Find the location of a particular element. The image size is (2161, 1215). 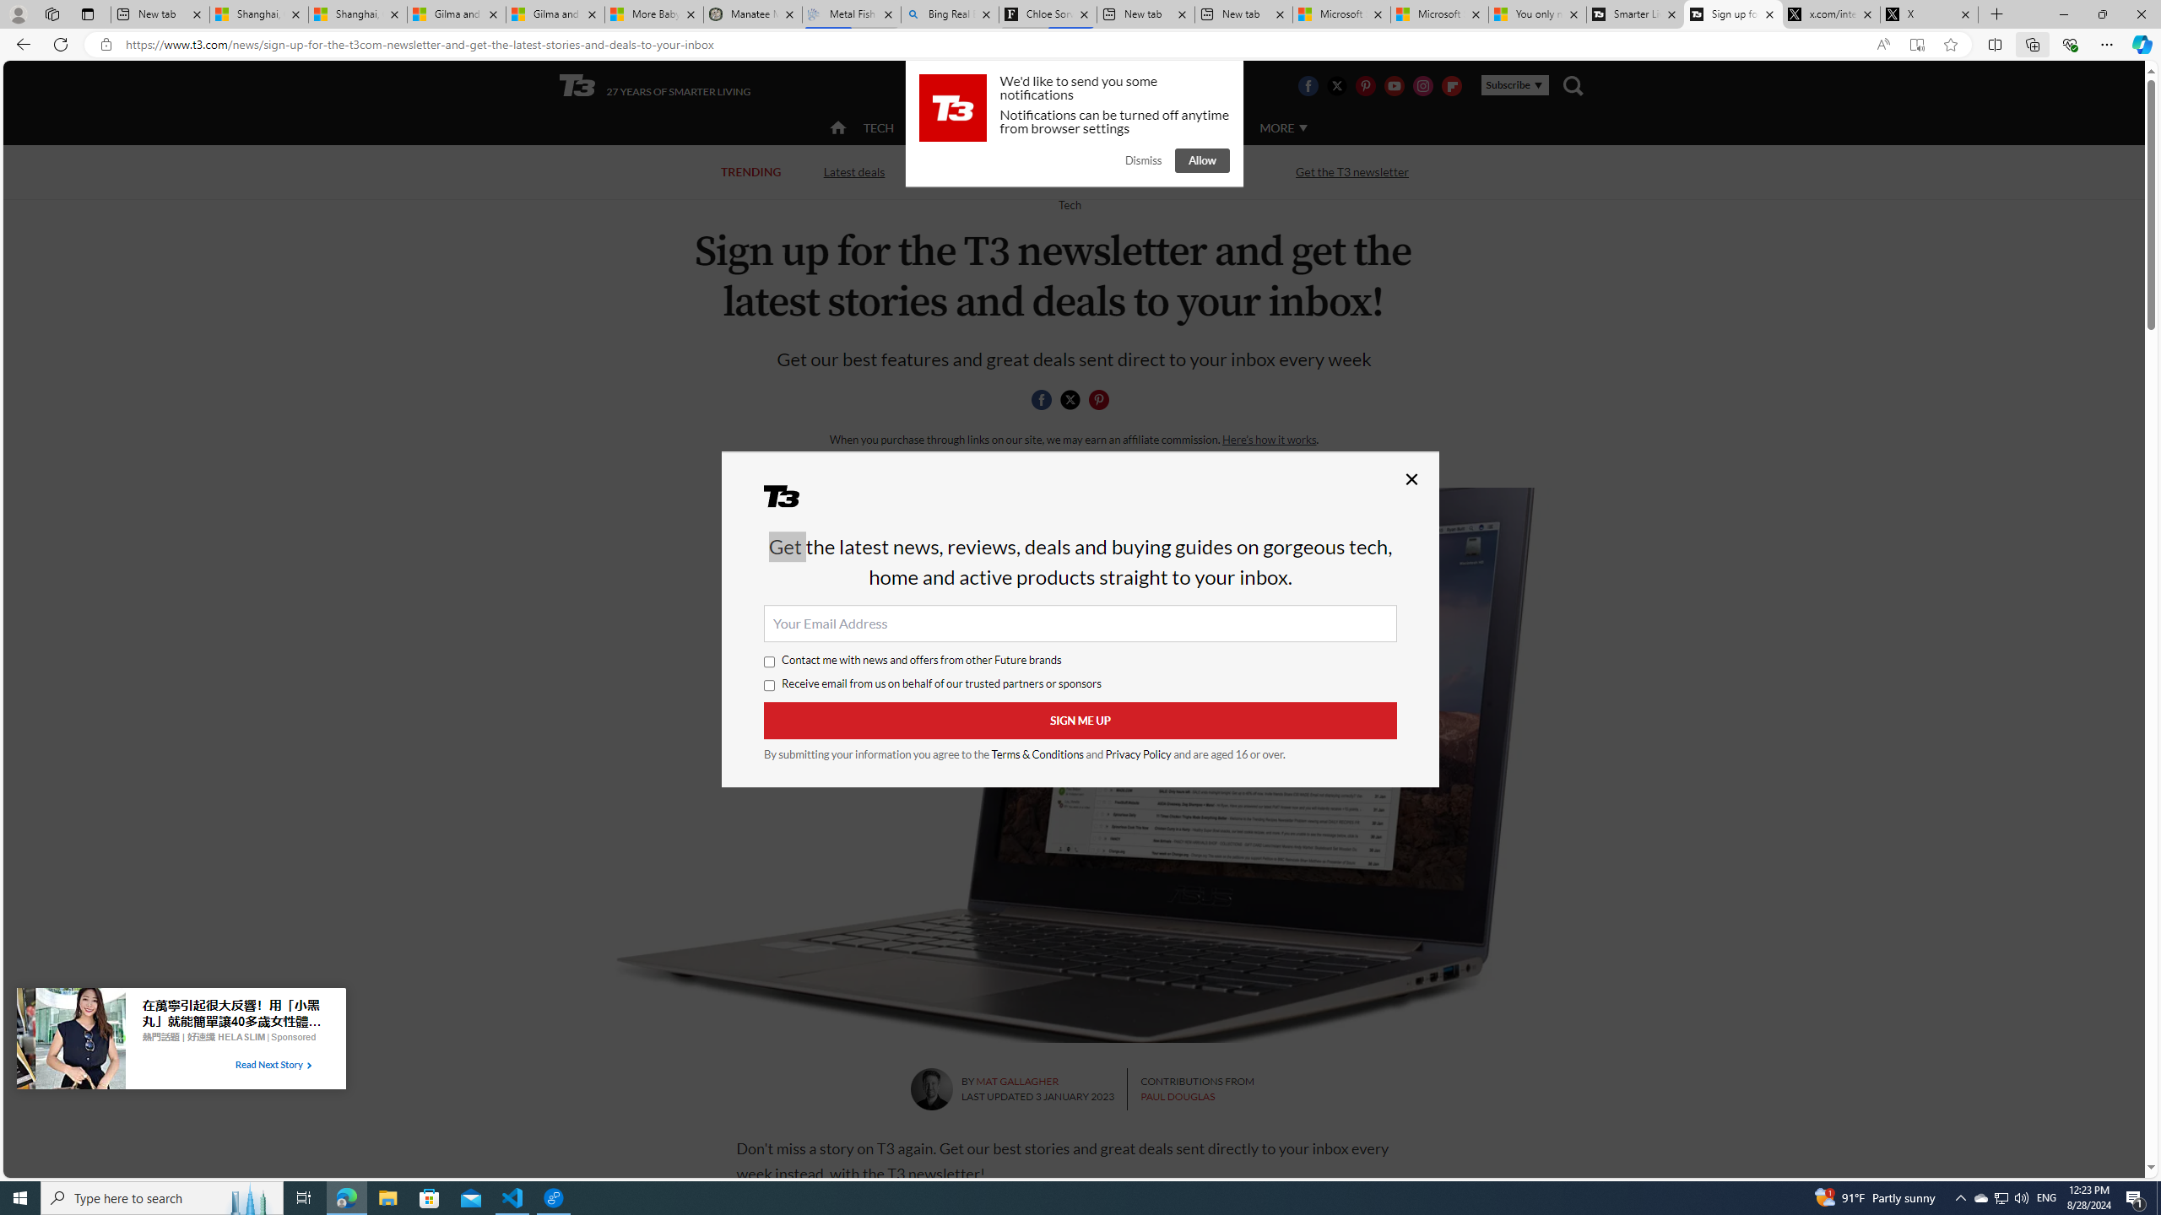

'Sign me up' is located at coordinates (1080, 721).